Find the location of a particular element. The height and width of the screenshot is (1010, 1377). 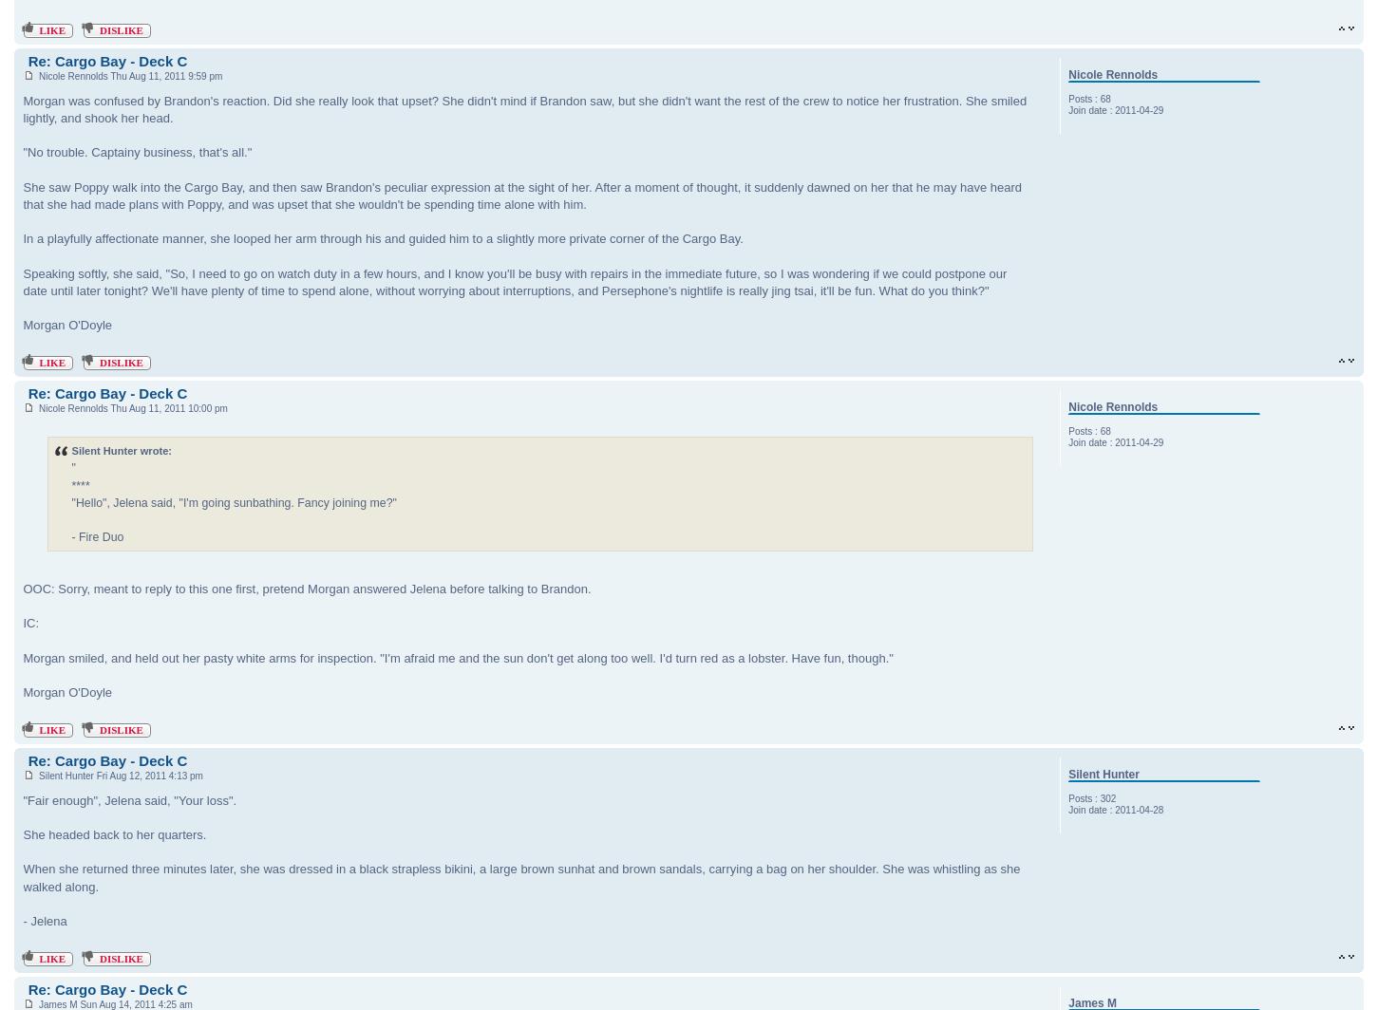

'IC:' is located at coordinates (30, 623).